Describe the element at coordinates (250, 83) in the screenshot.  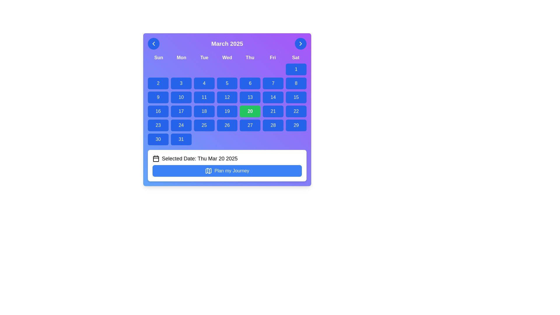
I see `the blue rounded rectangular button labeled '6' in the second row and fifth column of the calendar layout to change its background color` at that location.